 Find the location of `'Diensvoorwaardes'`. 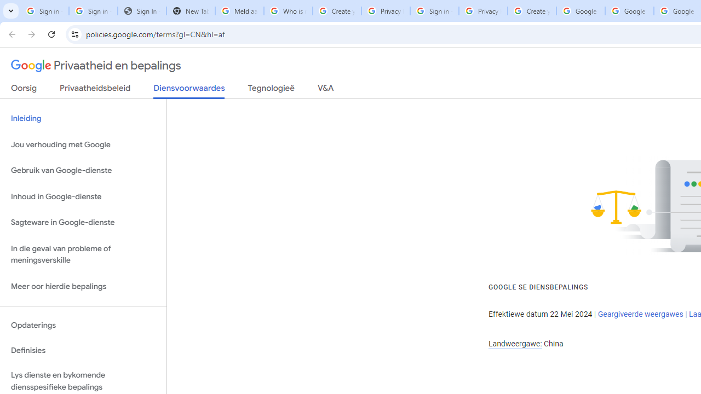

'Diensvoorwaardes' is located at coordinates (189, 90).